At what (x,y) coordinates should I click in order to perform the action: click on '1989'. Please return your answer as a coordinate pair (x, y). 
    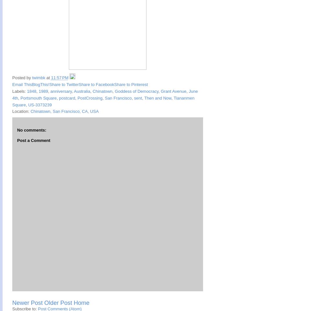
    Looking at the image, I should click on (43, 91).